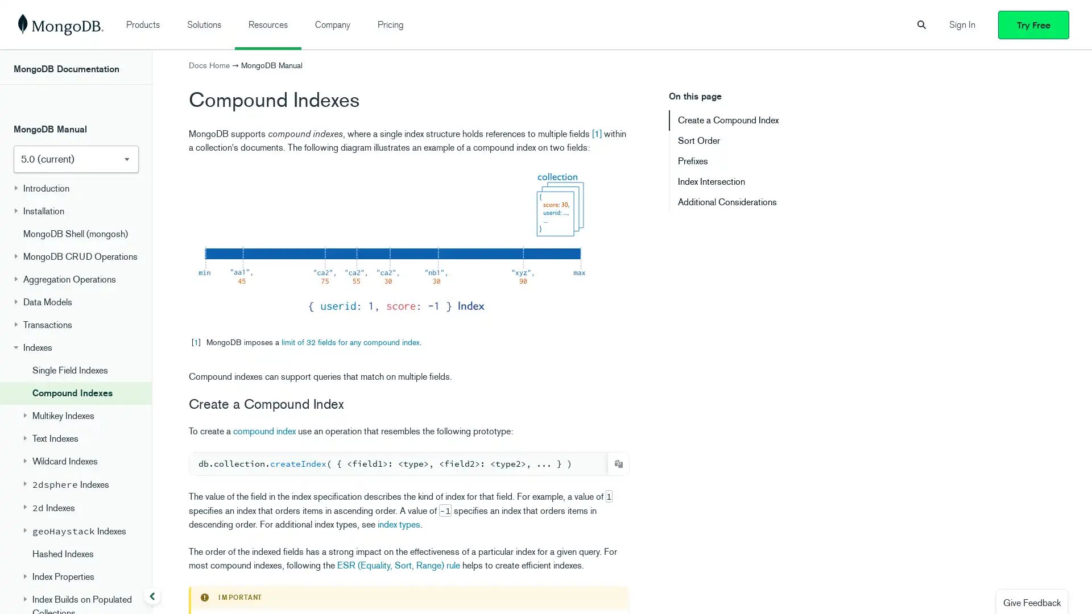 Image resolution: width=1092 pixels, height=614 pixels. Describe the element at coordinates (76, 160) in the screenshot. I see `5.0 (current)` at that location.